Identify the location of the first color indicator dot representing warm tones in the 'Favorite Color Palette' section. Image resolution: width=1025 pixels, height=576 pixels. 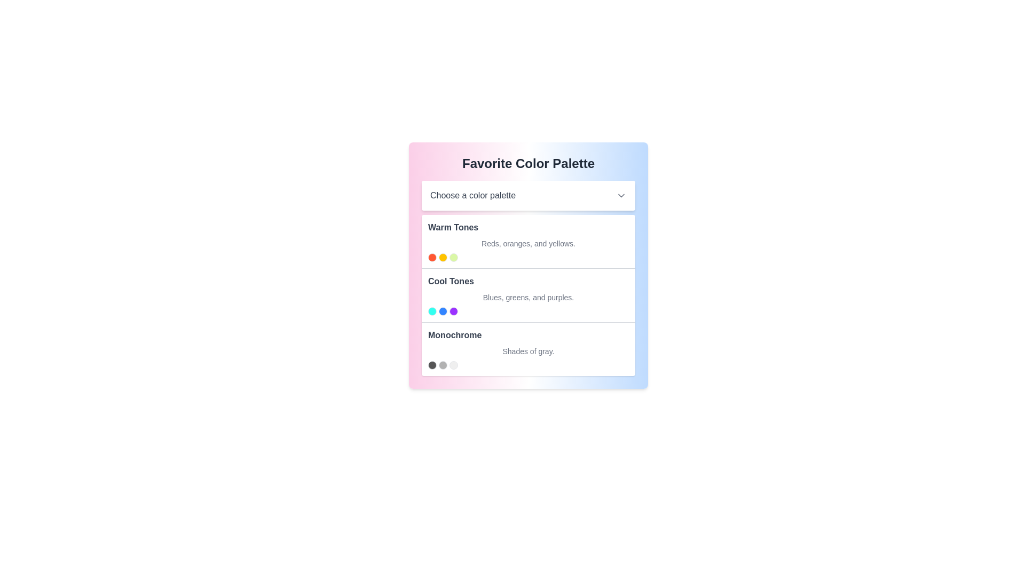
(432, 257).